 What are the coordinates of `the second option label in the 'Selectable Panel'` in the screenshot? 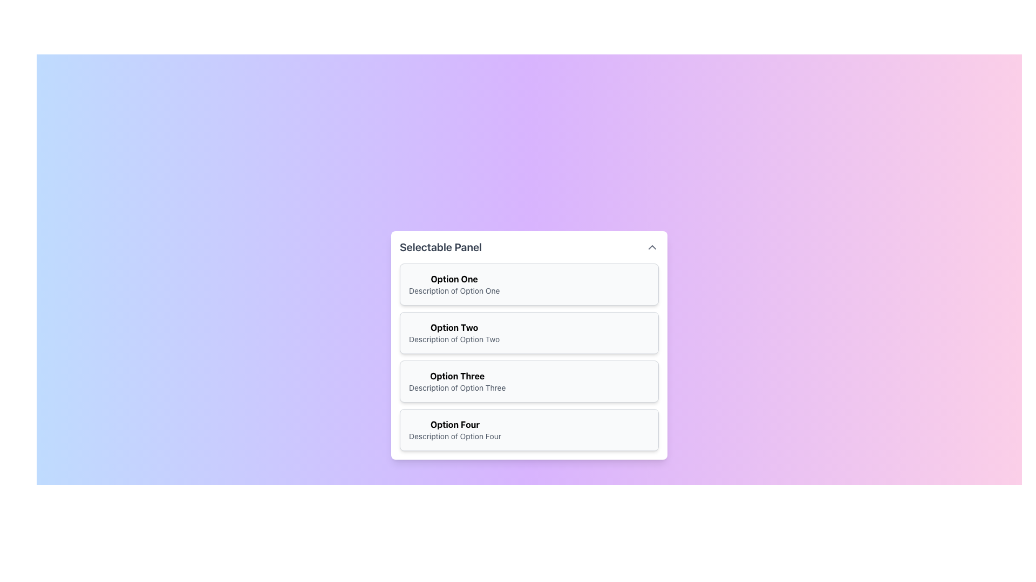 It's located at (454, 327).